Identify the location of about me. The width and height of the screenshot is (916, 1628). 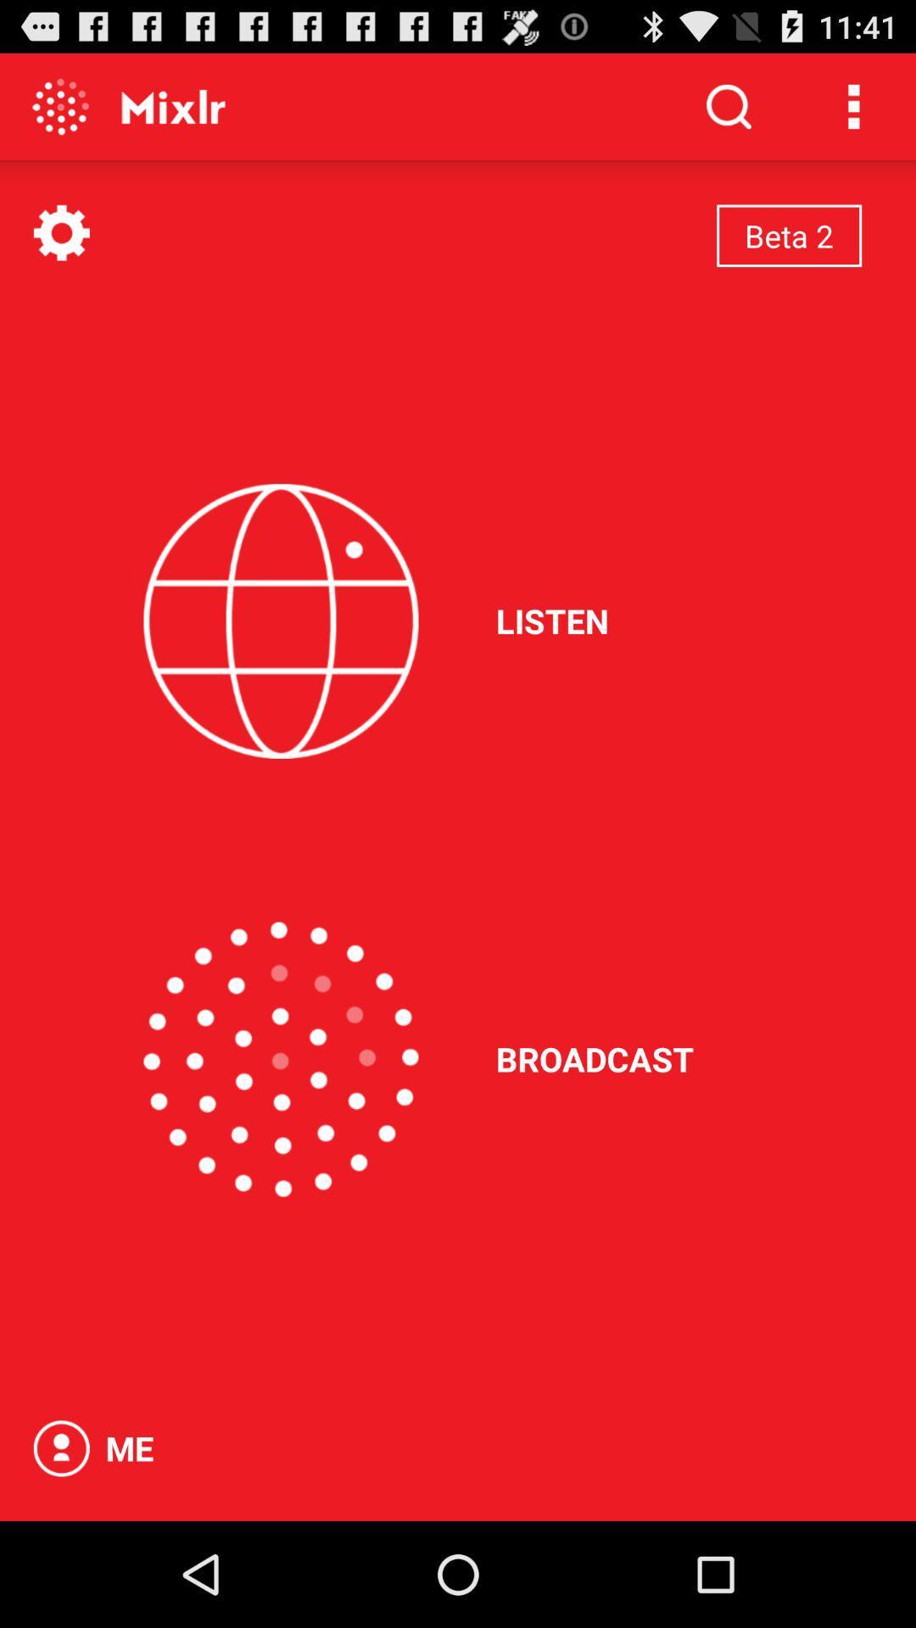
(60, 1447).